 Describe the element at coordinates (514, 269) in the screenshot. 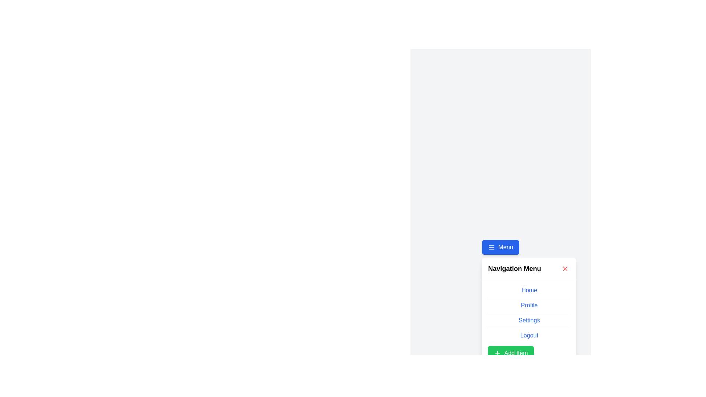

I see `the text label reading 'Navigation Menu', which is prominently styled in bold and larger font within its menu panel` at that location.